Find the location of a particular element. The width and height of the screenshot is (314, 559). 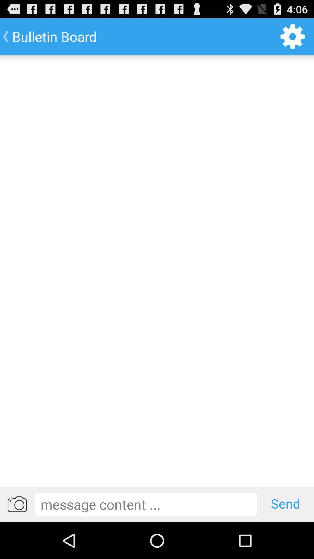

send message is located at coordinates (146, 504).